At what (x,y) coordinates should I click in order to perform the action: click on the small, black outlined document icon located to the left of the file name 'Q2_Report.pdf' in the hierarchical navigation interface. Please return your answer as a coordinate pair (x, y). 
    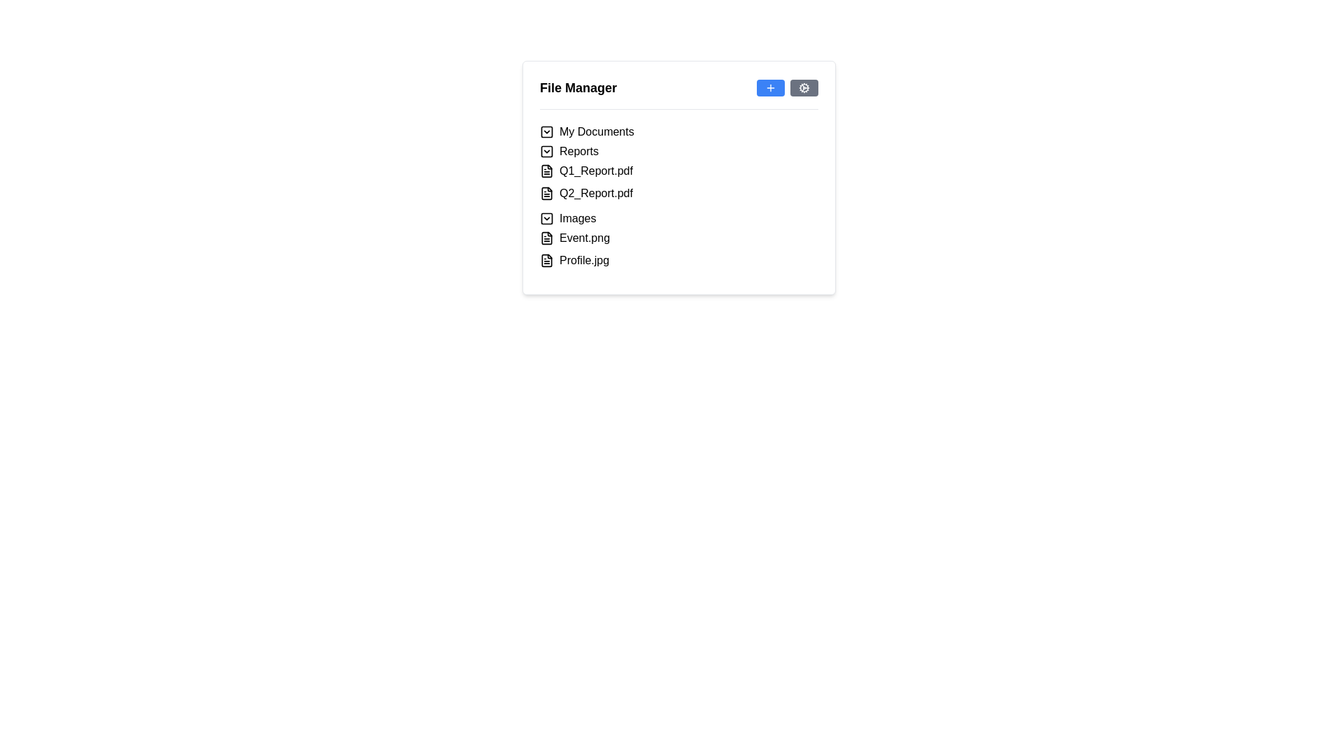
    Looking at the image, I should click on (546, 194).